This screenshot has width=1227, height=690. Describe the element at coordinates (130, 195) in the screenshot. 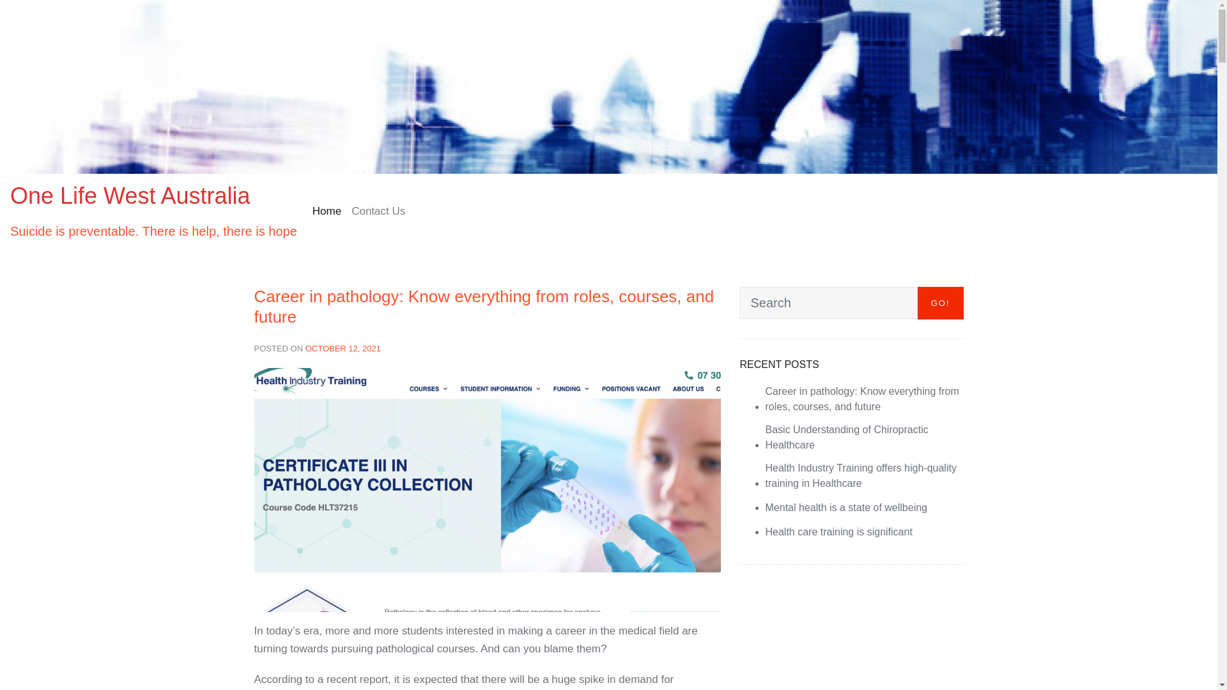

I see `'One Life West Australia'` at that location.